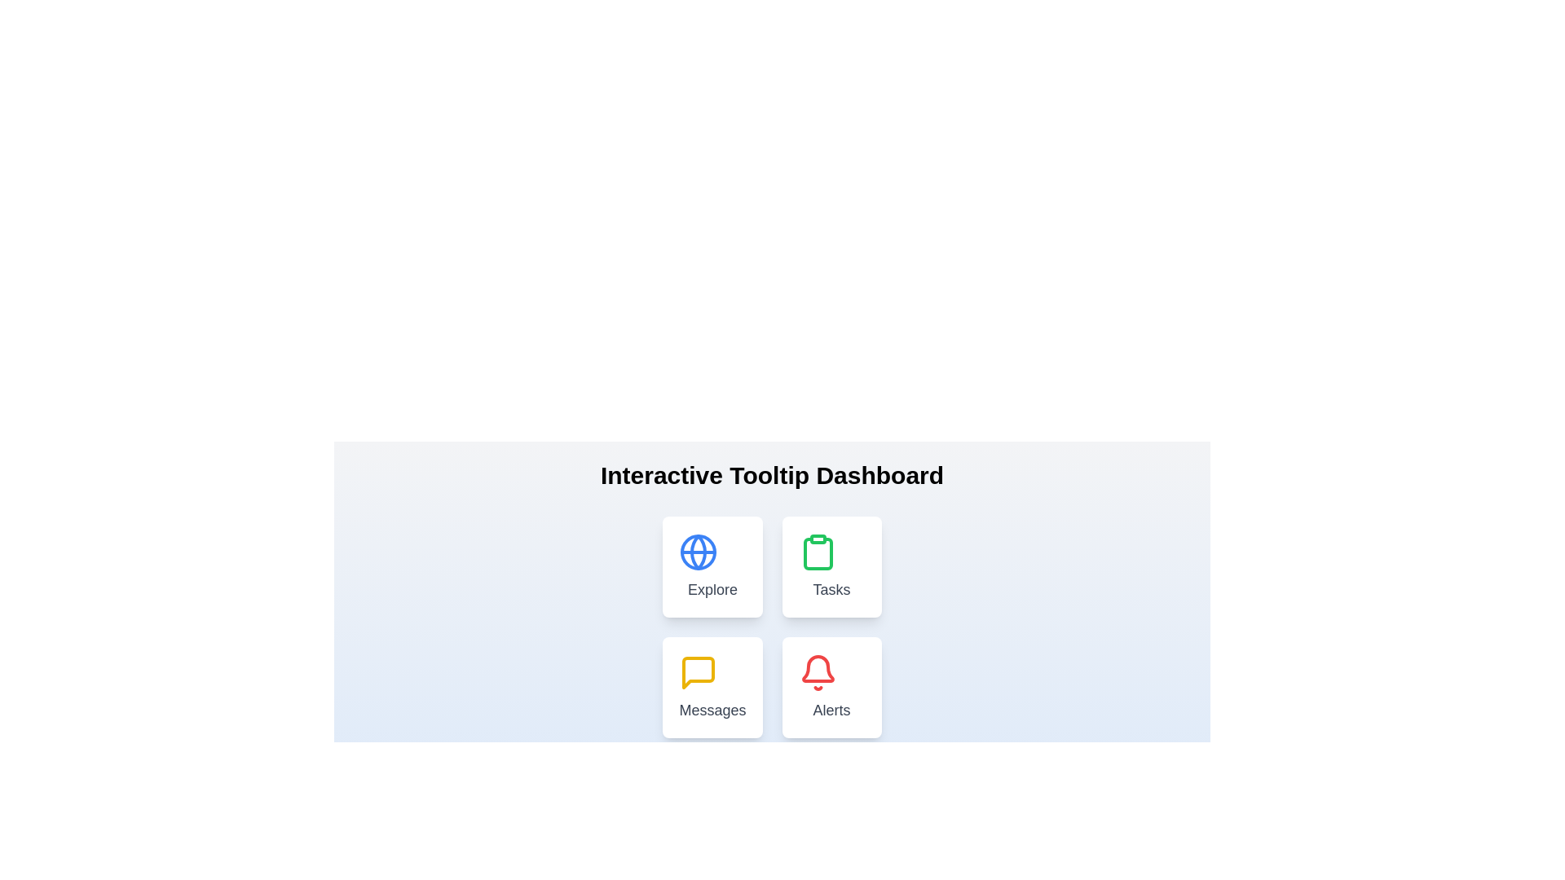 This screenshot has height=880, width=1565. Describe the element at coordinates (699, 552) in the screenshot. I see `the circular graphic element that is part of the globe icon in the top left 'Explore' card of the 2x2 grid layout on the 'Interactive Tooltip Dashboard'` at that location.